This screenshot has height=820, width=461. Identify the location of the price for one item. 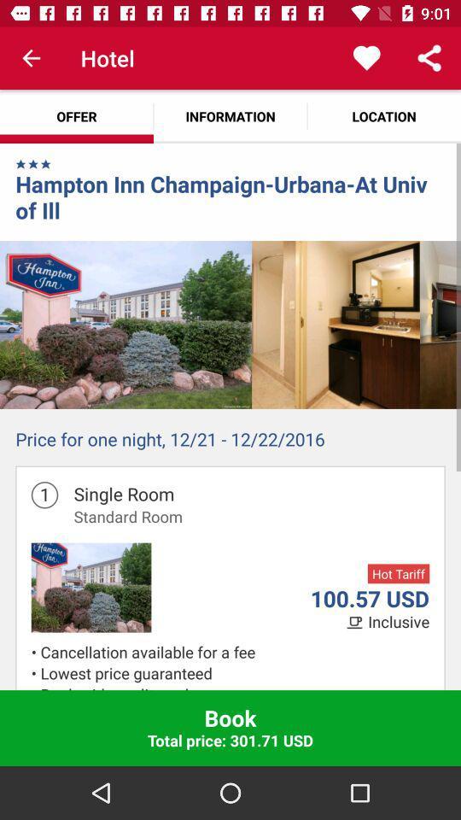
(230, 442).